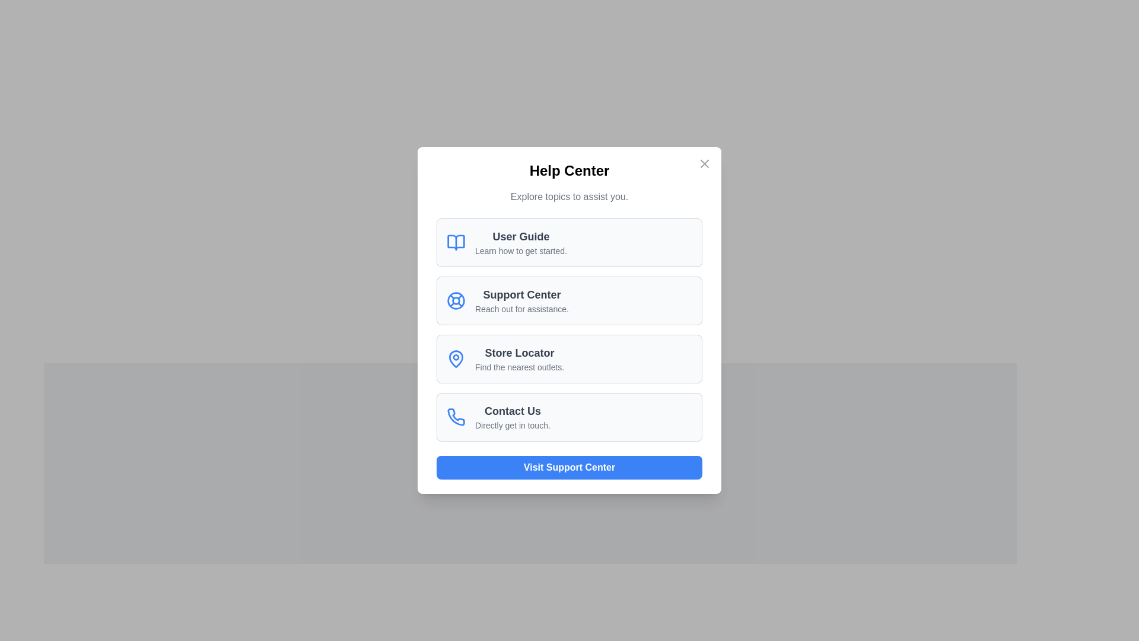 This screenshot has height=641, width=1139. What do you see at coordinates (520, 352) in the screenshot?
I see `the 'Store Locator' title text label in the Help Center interface, which is the main text of the third option in the card-like structure` at bounding box center [520, 352].